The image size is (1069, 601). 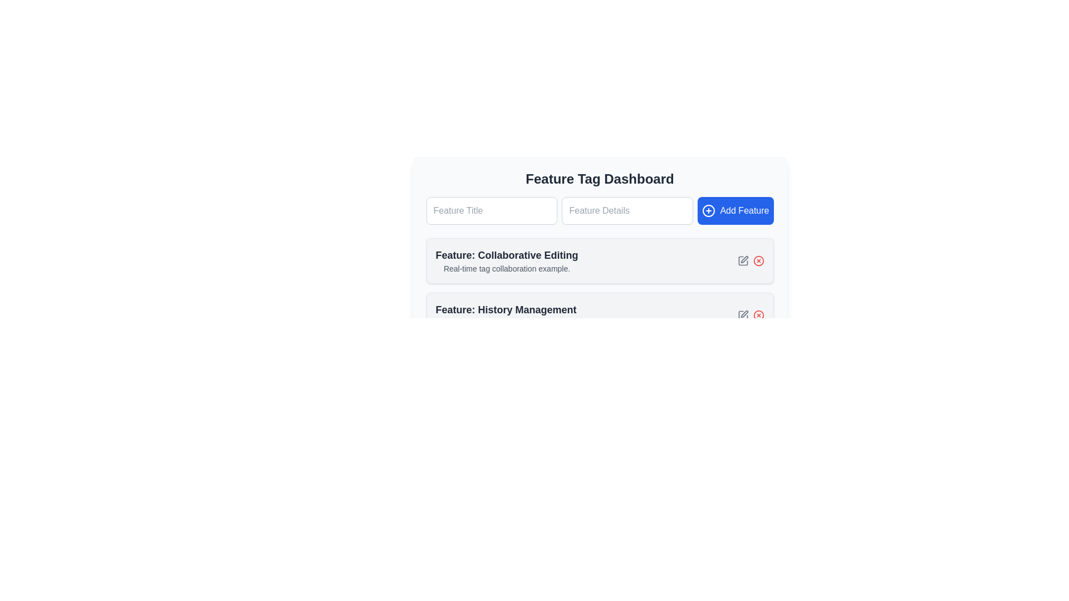 I want to click on the Text label that serves as a header for the card, summarizing the main feature described within this section, so click(x=506, y=255).